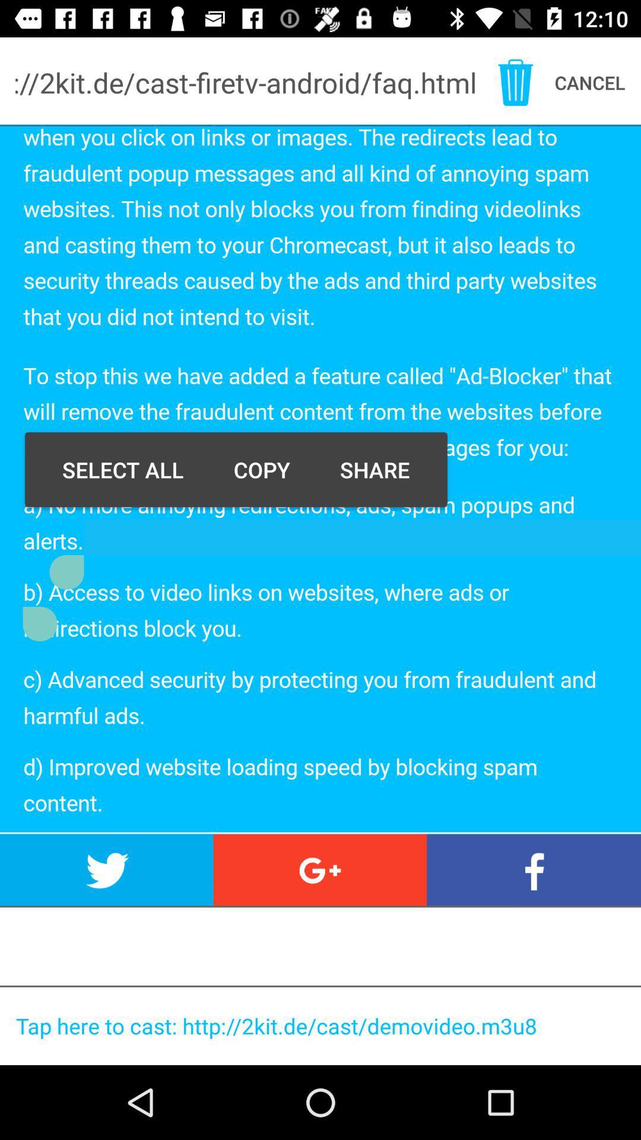 Image resolution: width=641 pixels, height=1140 pixels. Describe the element at coordinates (325, 1025) in the screenshot. I see `the bottom article url` at that location.